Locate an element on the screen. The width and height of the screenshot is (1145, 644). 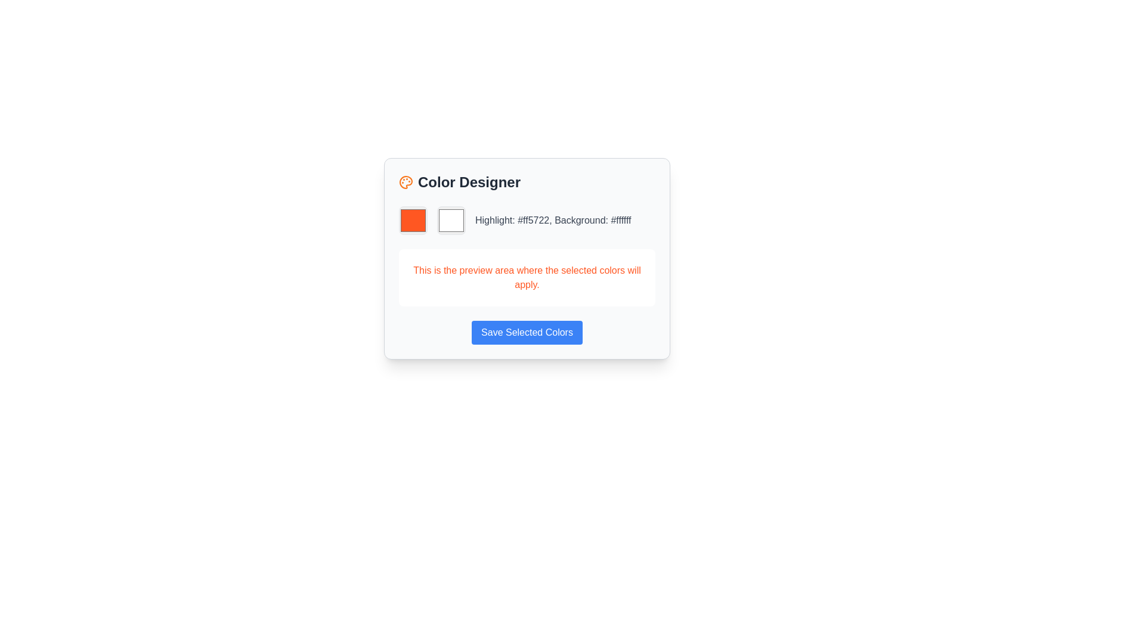
the Informative text area that displays the effects of selected colors, located below the color choices and above the 'Save Selected Colors' button is located at coordinates (526, 278).